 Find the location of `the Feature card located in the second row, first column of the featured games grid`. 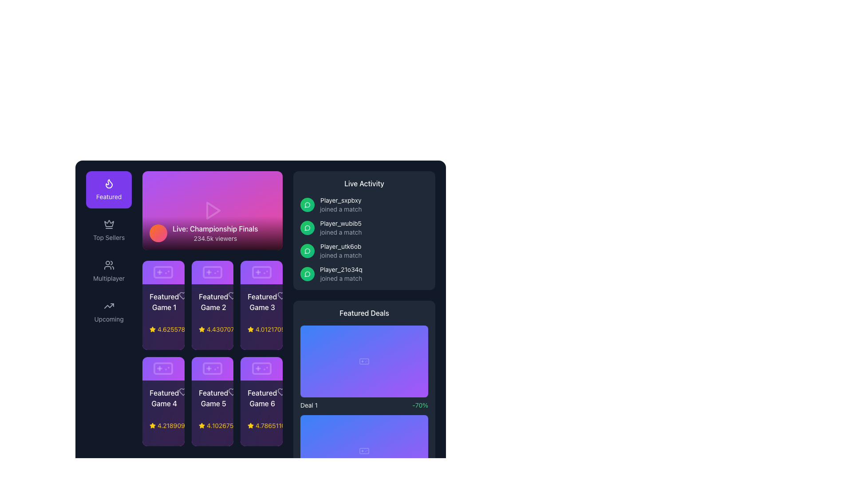

the Feature card located in the second row, first column of the featured games grid is located at coordinates (163, 401).